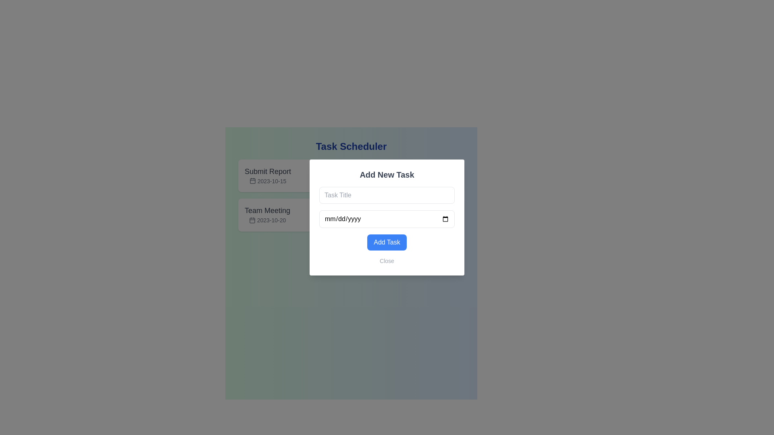 Image resolution: width=774 pixels, height=435 pixels. Describe the element at coordinates (252, 180) in the screenshot. I see `the rounded rectangle that is part of the calendar icon, located to the left of the 'mm/dd/yyyy' text field` at that location.